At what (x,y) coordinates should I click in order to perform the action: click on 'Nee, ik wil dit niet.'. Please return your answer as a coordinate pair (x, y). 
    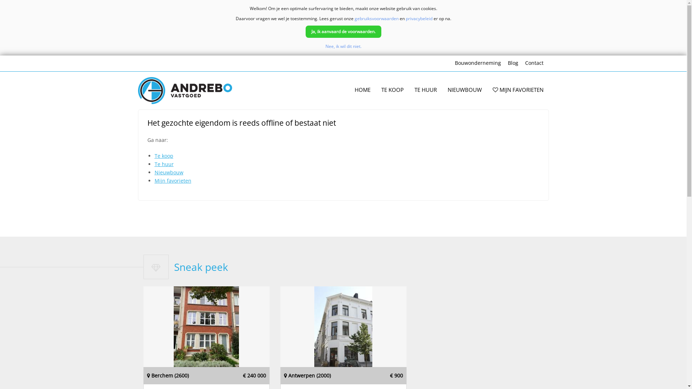
    Looking at the image, I should click on (342, 46).